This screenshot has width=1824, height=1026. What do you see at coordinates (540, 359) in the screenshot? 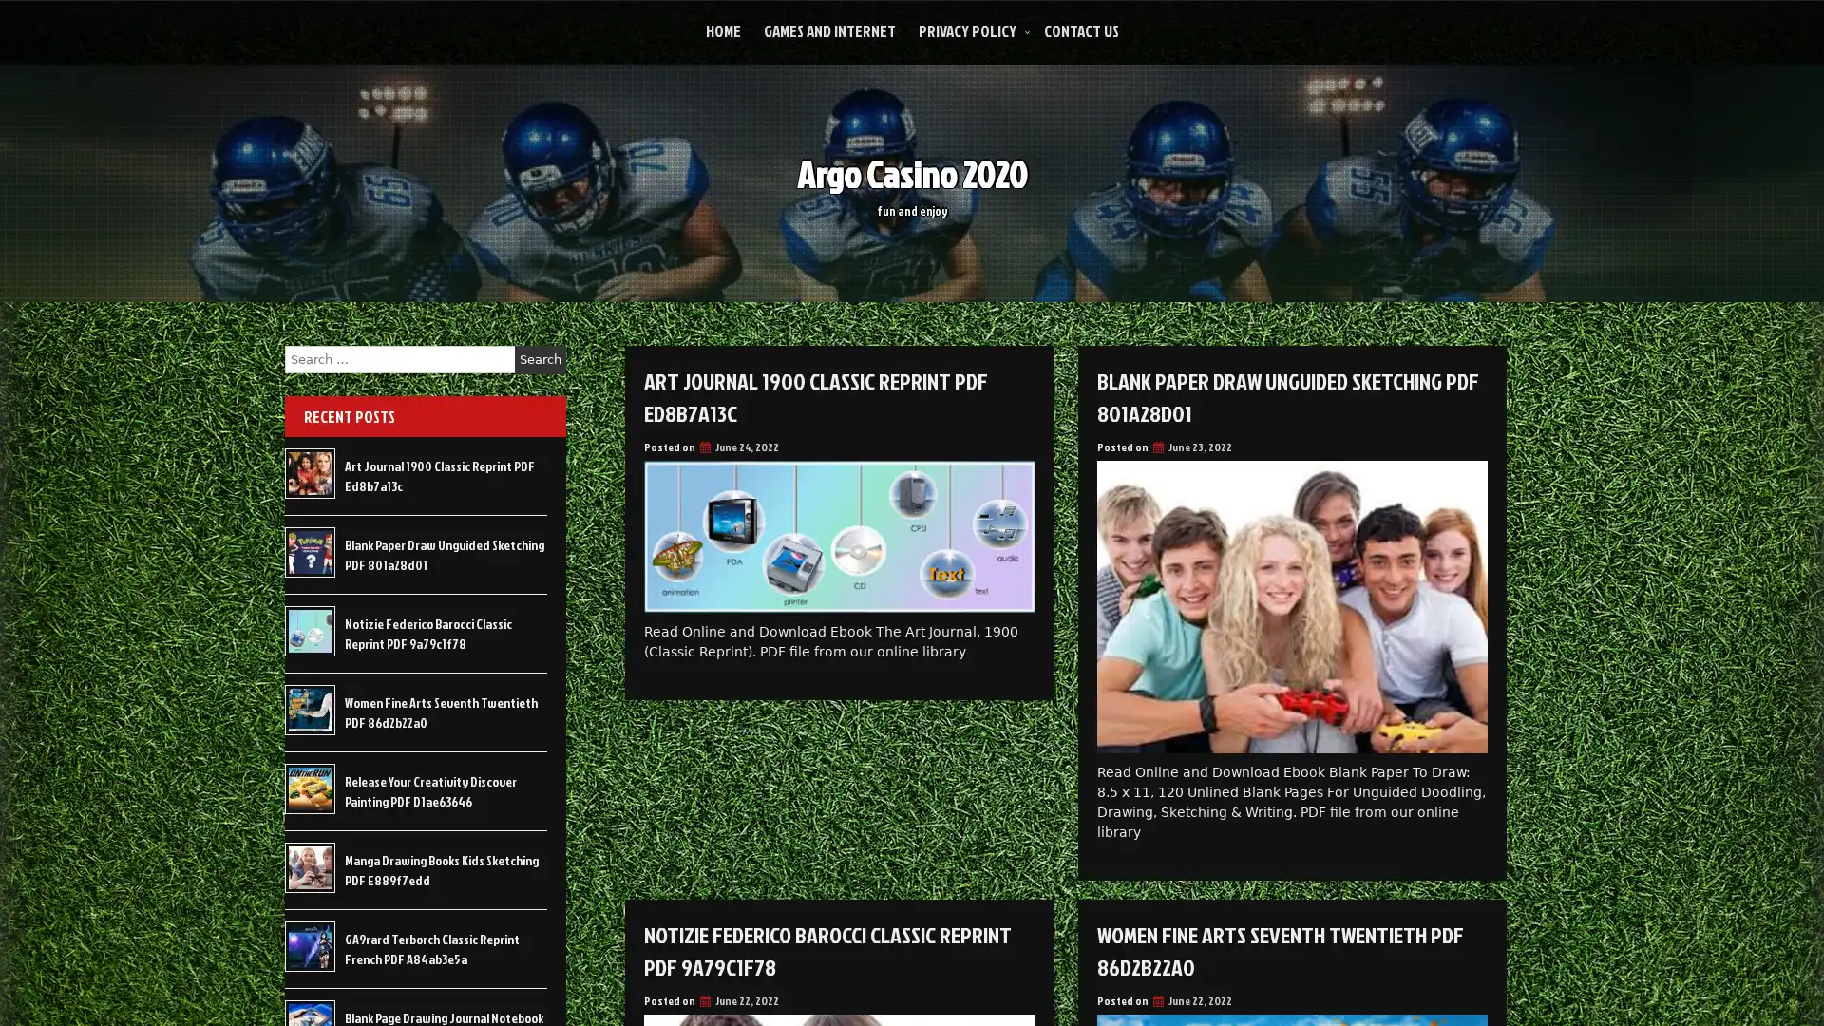
I see `Search` at bounding box center [540, 359].